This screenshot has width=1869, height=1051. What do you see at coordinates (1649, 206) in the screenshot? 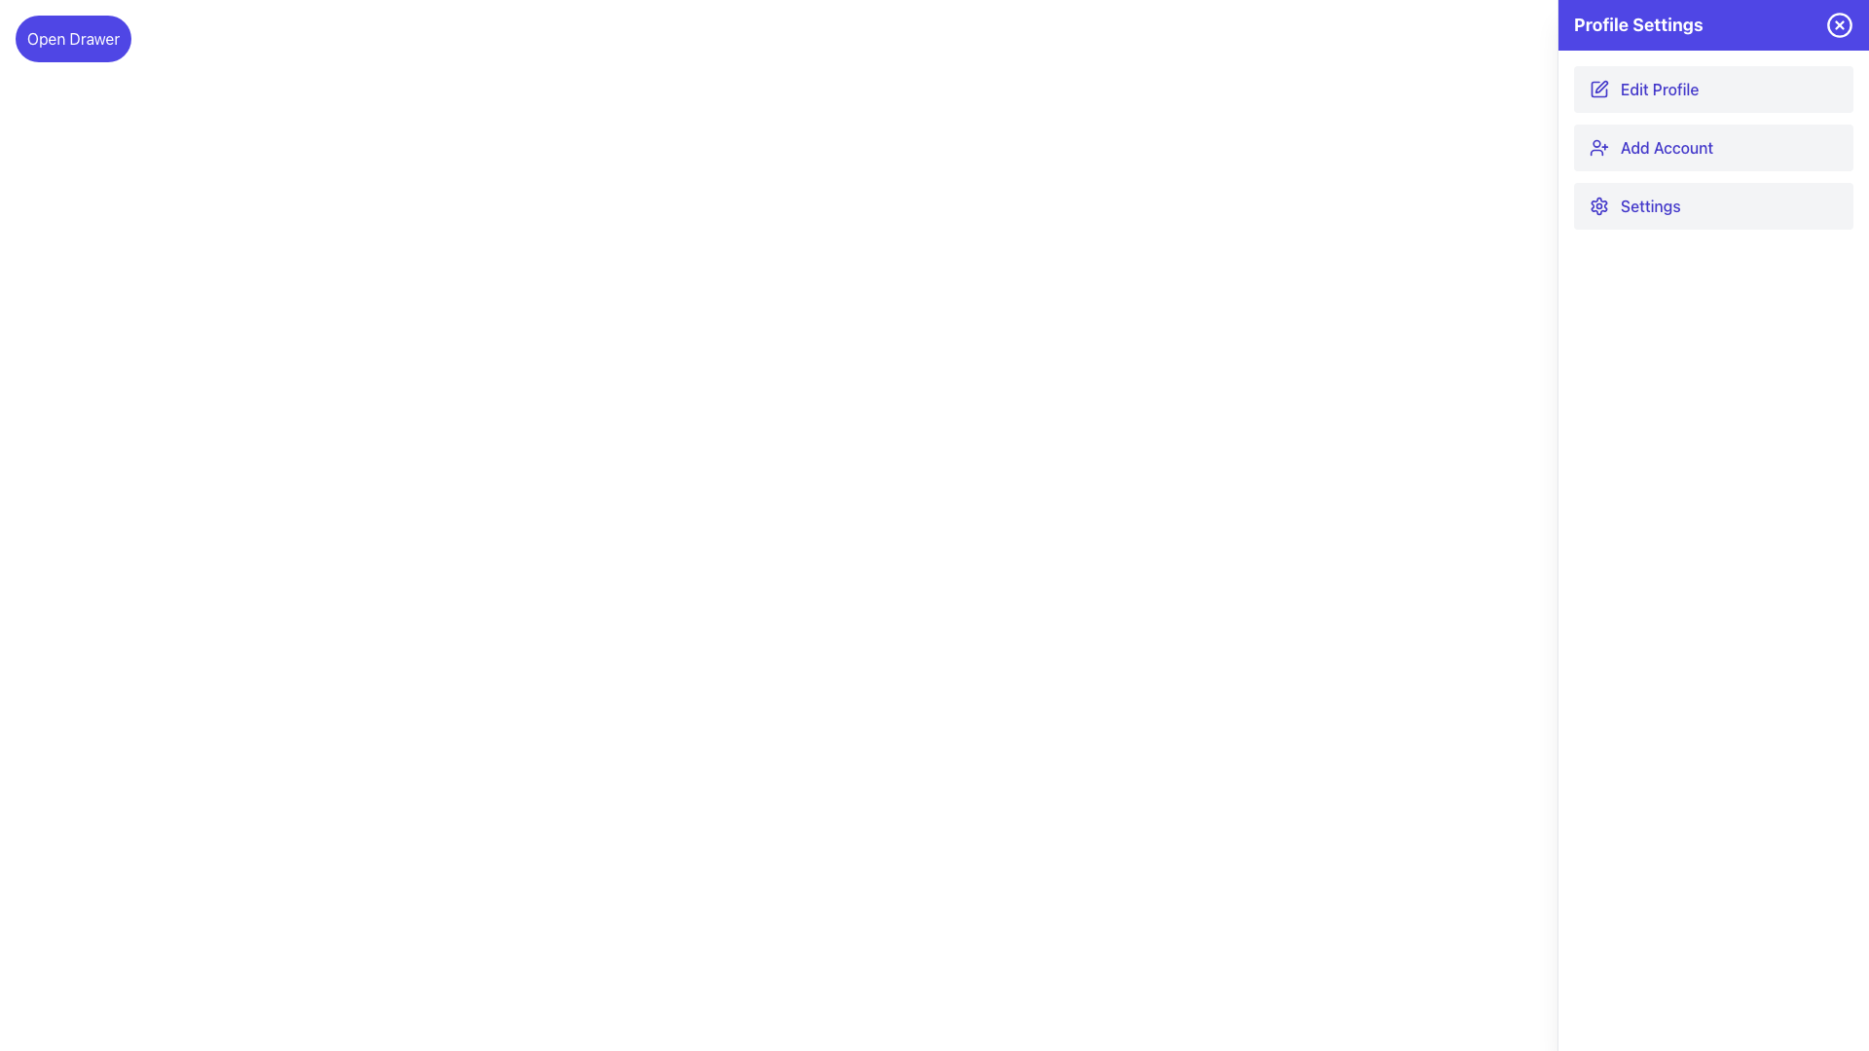
I see `the 'Settings' text label that is part of the third menu option in the 'Profile Settings' section, located below the 'Add Account' option` at bounding box center [1649, 206].